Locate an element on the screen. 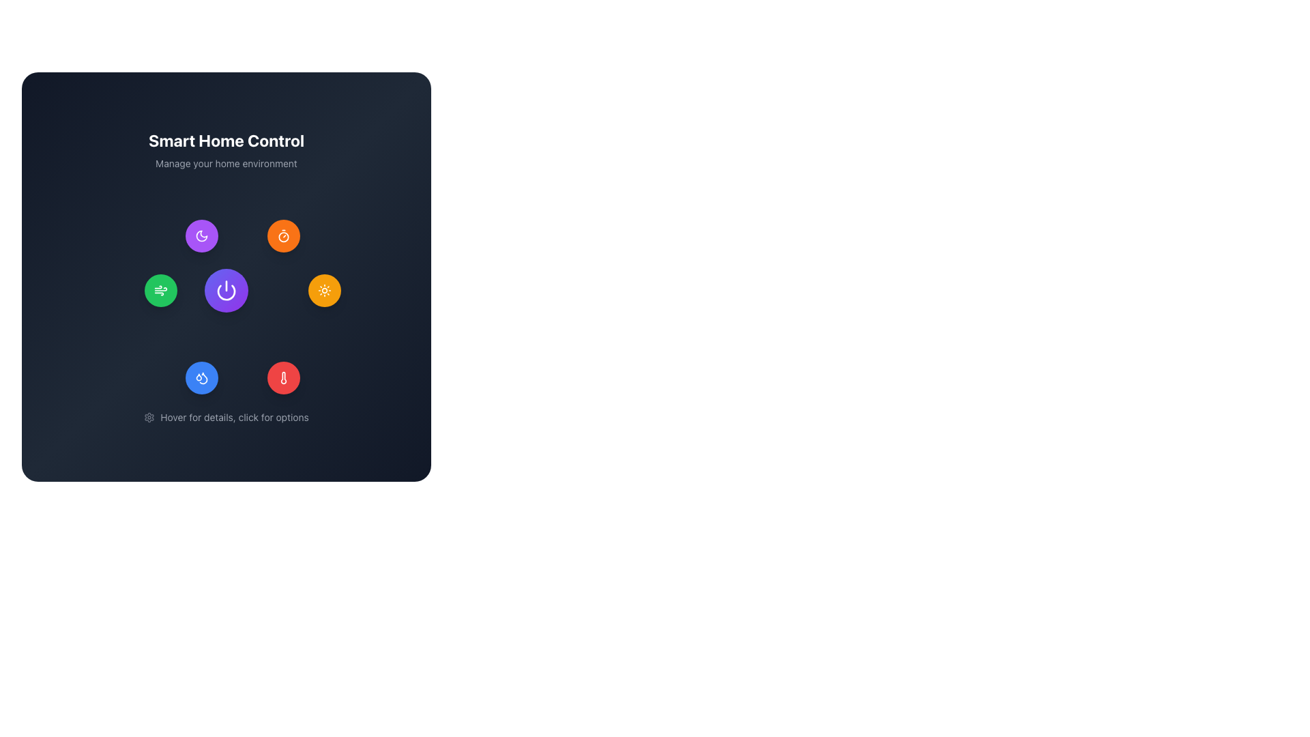  the third icon in the circular arrangement of smart home controls is located at coordinates (323, 289).